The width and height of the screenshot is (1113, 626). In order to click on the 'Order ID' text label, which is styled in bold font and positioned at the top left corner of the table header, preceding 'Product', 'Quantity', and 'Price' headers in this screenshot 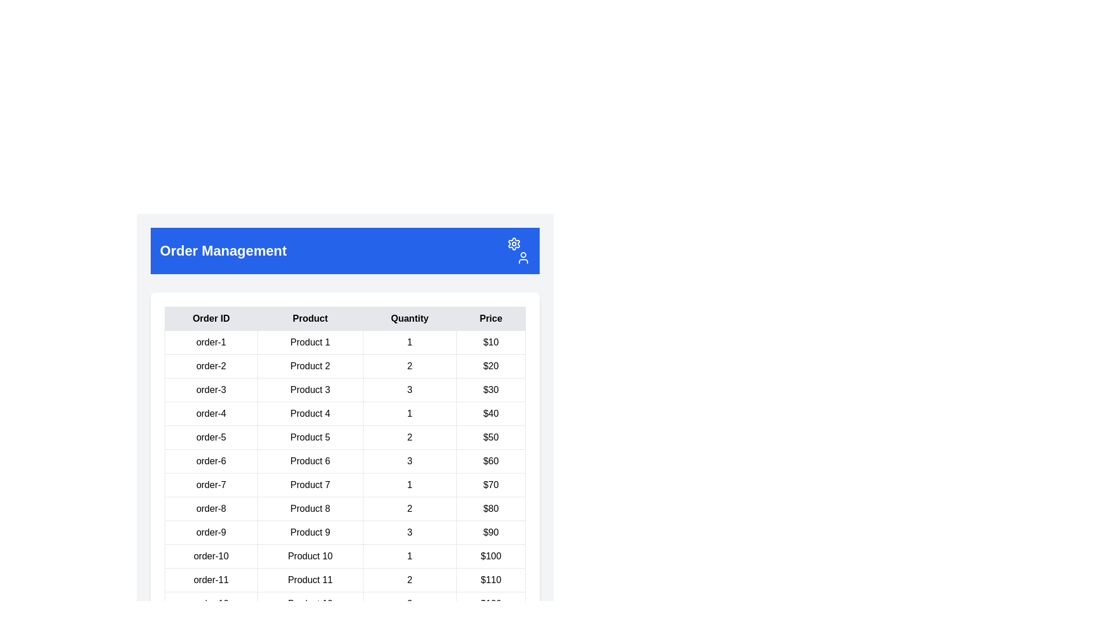, I will do `click(211, 319)`.